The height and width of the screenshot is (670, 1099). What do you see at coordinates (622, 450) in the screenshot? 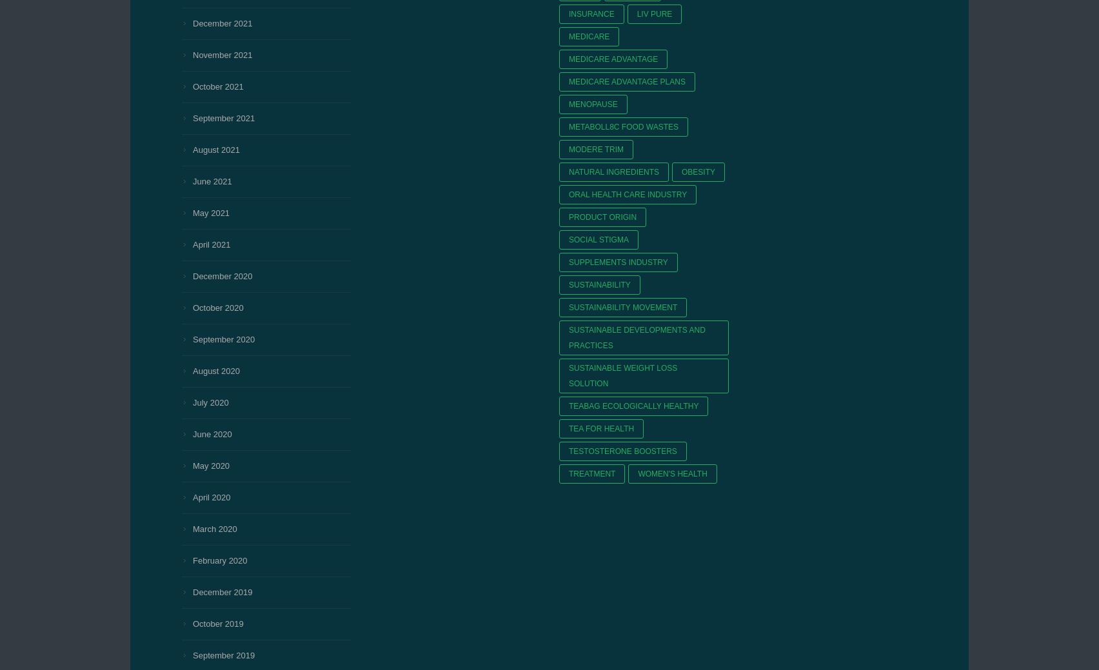
I see `'testosterone boosters'` at bounding box center [622, 450].